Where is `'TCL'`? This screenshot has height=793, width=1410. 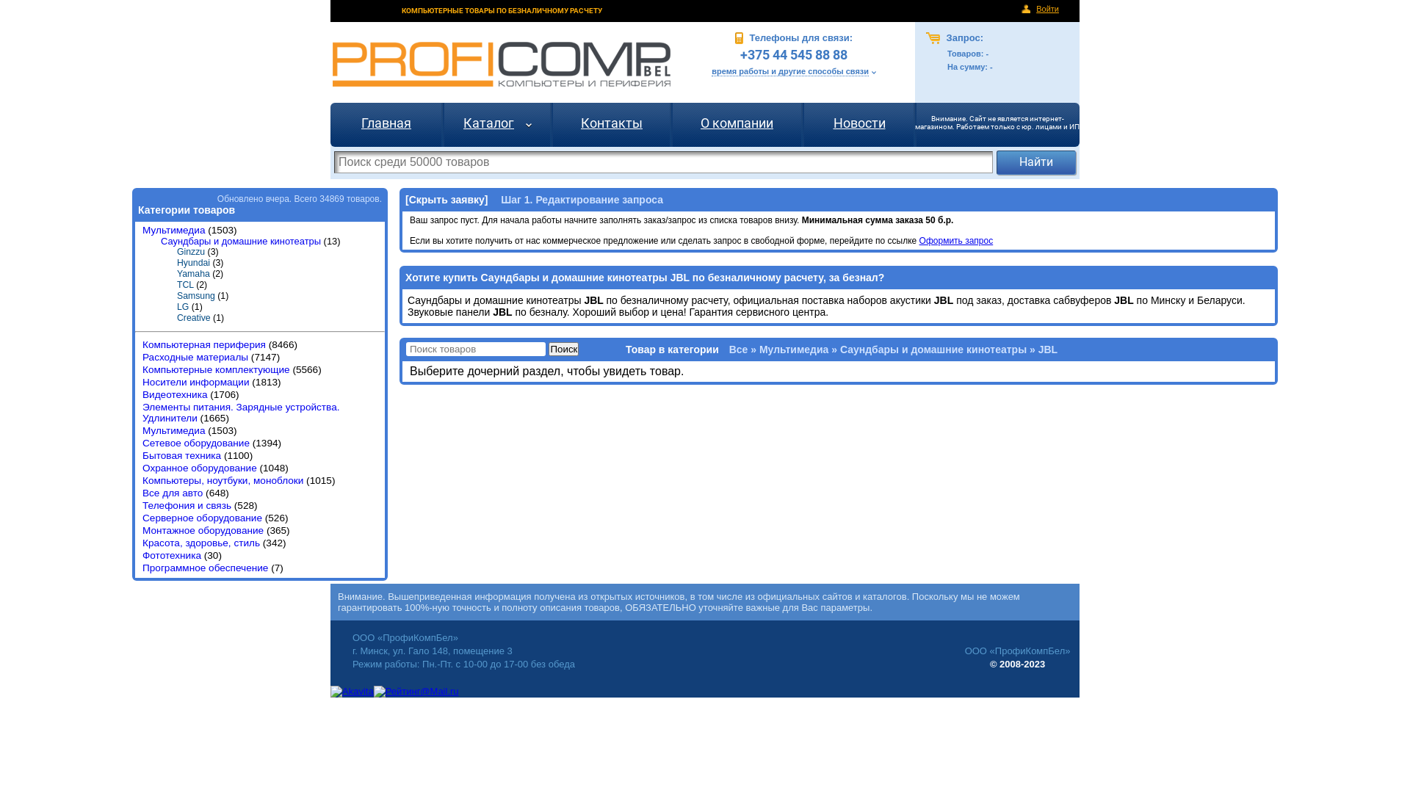
'TCL' is located at coordinates (176, 285).